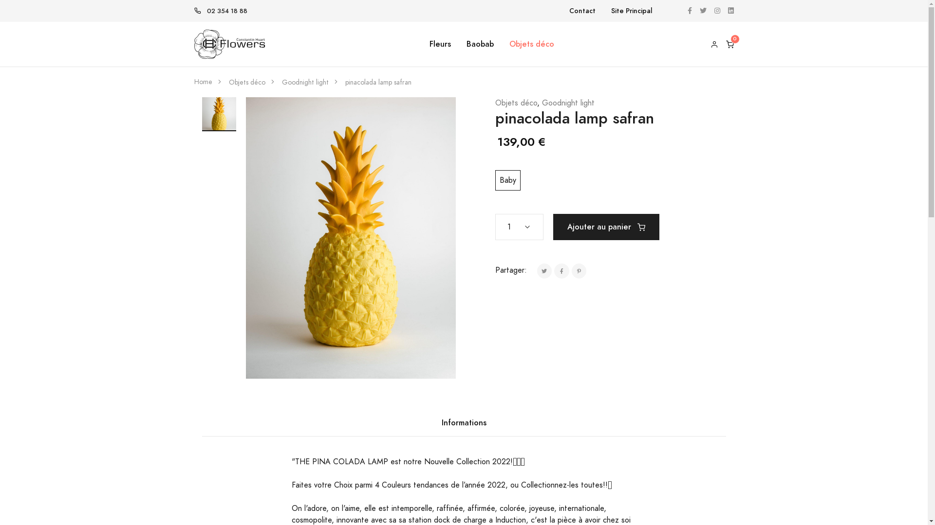 Image resolution: width=935 pixels, height=525 pixels. I want to click on 'Contact', so click(582, 11).